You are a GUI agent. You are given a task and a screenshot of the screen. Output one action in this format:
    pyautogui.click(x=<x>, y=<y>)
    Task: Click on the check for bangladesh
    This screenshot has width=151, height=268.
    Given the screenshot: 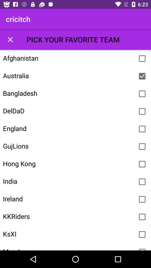 What is the action you would take?
    pyautogui.click(x=142, y=94)
    